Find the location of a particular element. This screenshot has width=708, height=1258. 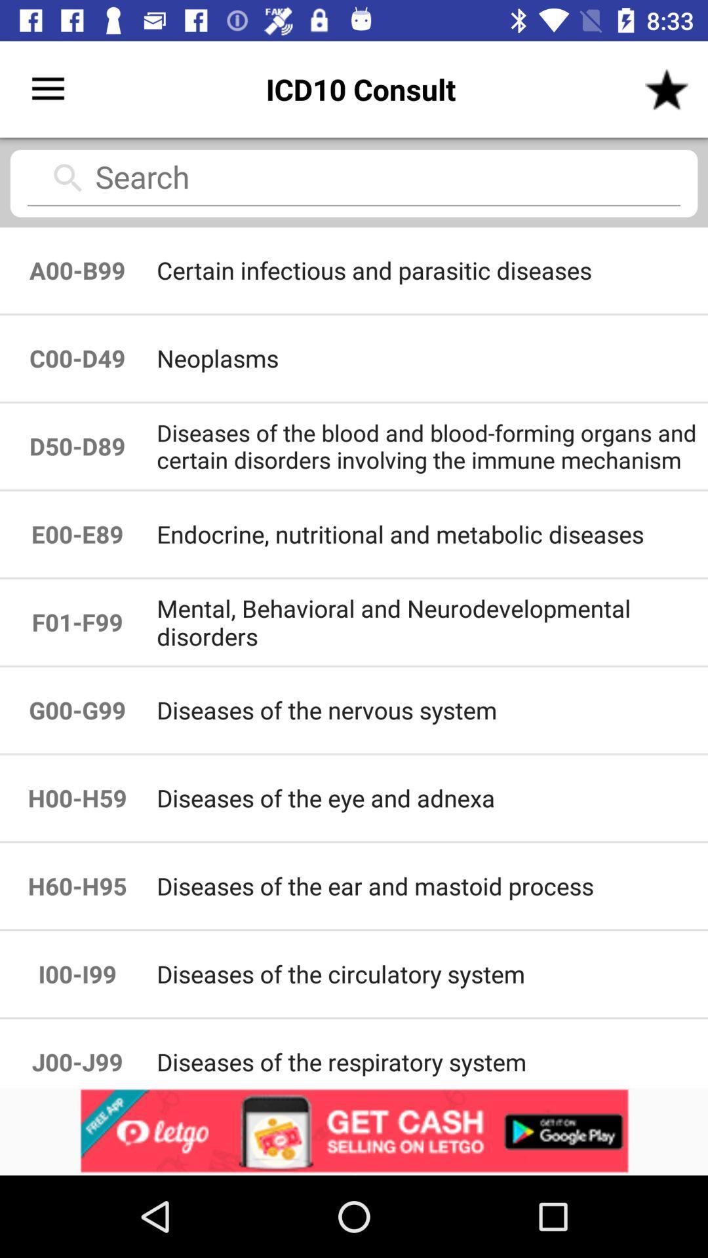

item next to endocrine nutritional and is located at coordinates (77, 621).